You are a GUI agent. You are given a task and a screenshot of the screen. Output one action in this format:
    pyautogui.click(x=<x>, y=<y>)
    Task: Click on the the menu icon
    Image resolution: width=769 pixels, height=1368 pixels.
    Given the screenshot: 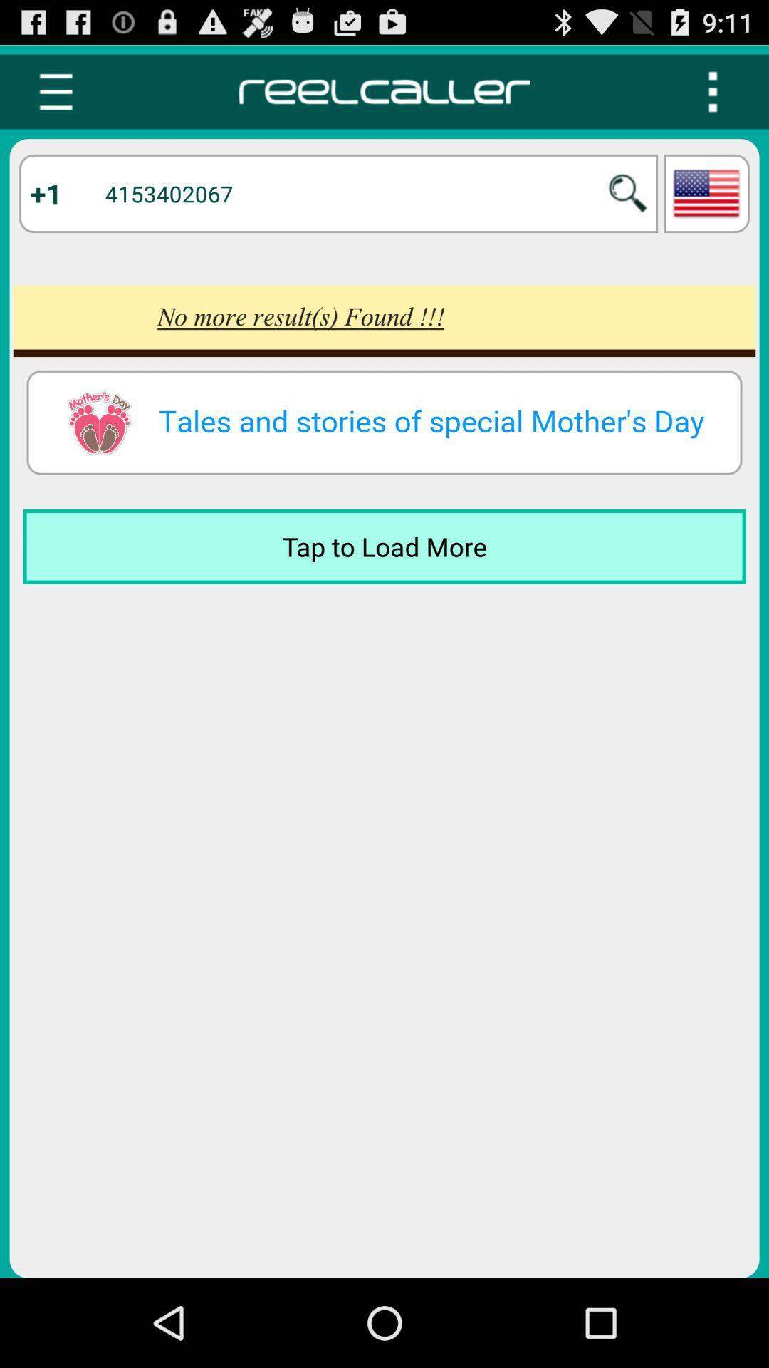 What is the action you would take?
    pyautogui.click(x=55, y=98)
    